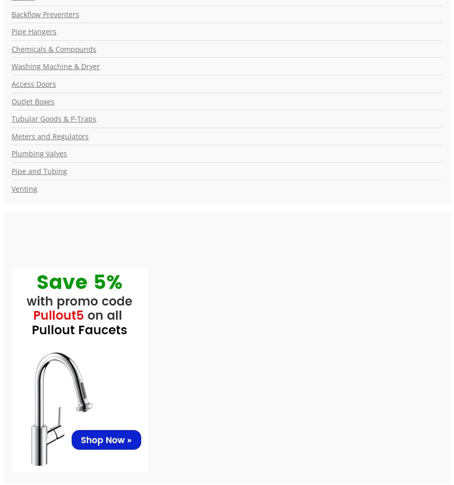  What do you see at coordinates (39, 170) in the screenshot?
I see `'Pipe and Tubing'` at bounding box center [39, 170].